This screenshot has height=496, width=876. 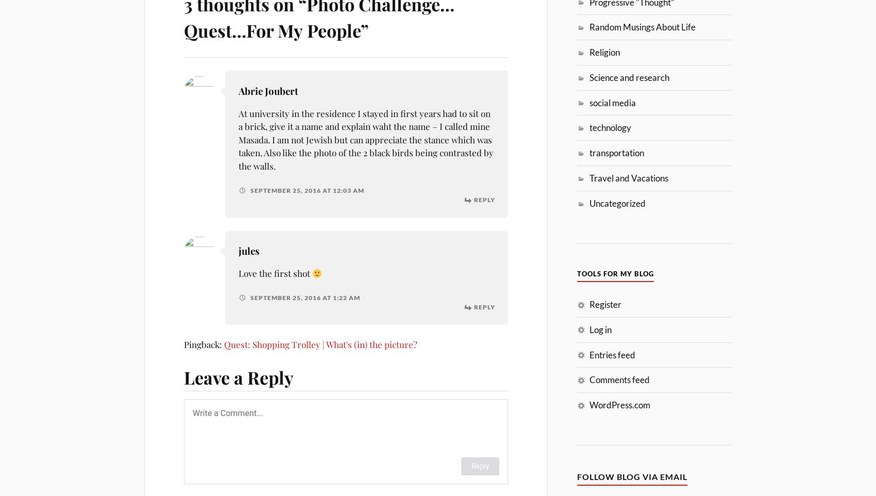 What do you see at coordinates (642, 27) in the screenshot?
I see `'Random Musings About Life'` at bounding box center [642, 27].